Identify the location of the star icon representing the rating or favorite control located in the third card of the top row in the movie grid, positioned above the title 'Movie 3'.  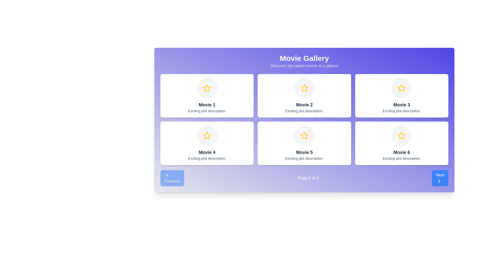
(401, 88).